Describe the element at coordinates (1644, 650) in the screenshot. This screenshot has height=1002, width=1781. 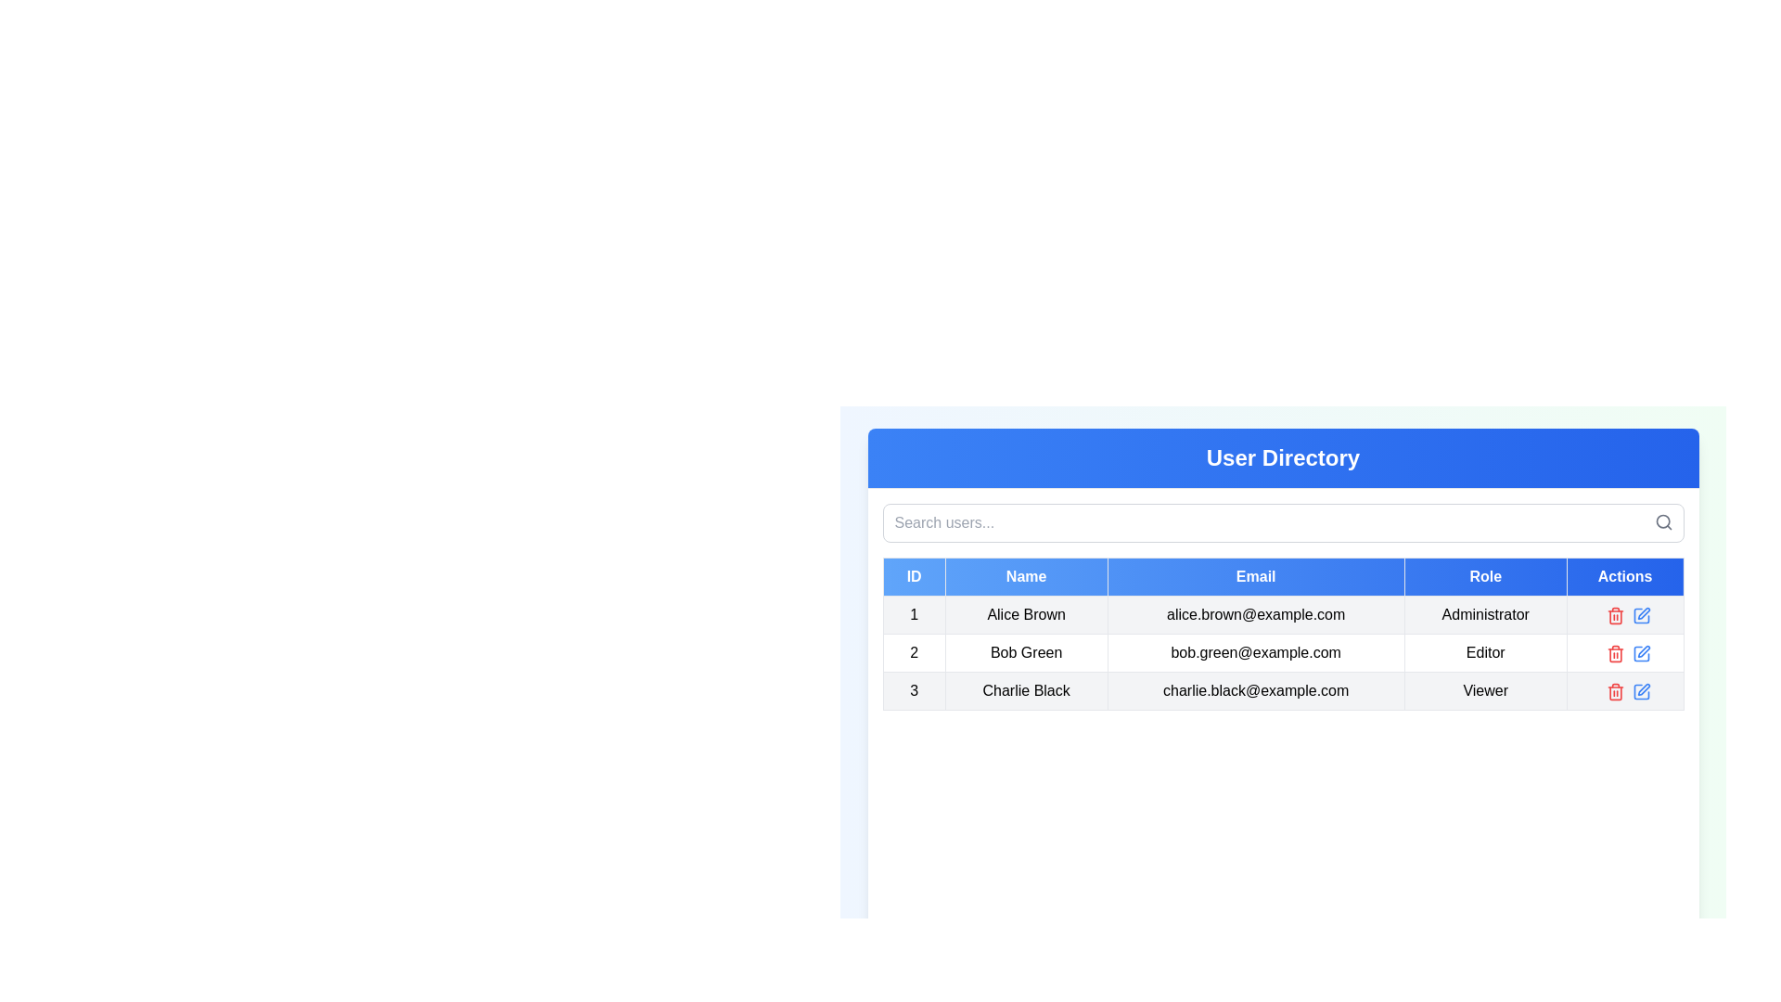
I see `the edit icon button in the Actions column of the second row to initiate editing for Bob Green's details` at that location.